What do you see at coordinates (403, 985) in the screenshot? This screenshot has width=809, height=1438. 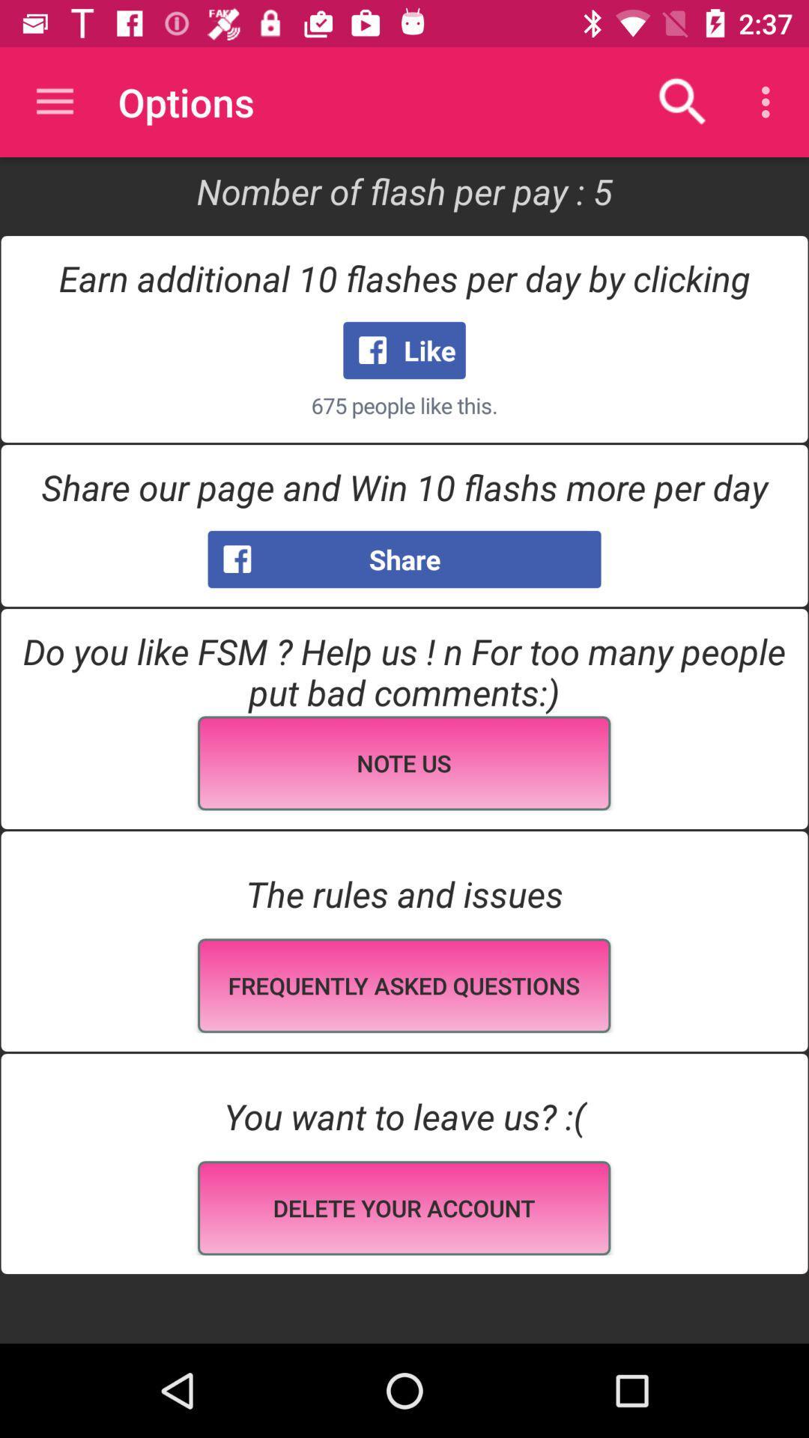 I see `the frequently asked qustions field` at bounding box center [403, 985].